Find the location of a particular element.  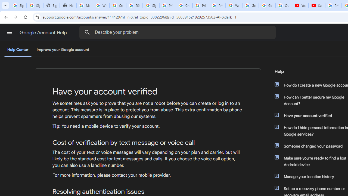

'Google Account Help' is located at coordinates (43, 32).